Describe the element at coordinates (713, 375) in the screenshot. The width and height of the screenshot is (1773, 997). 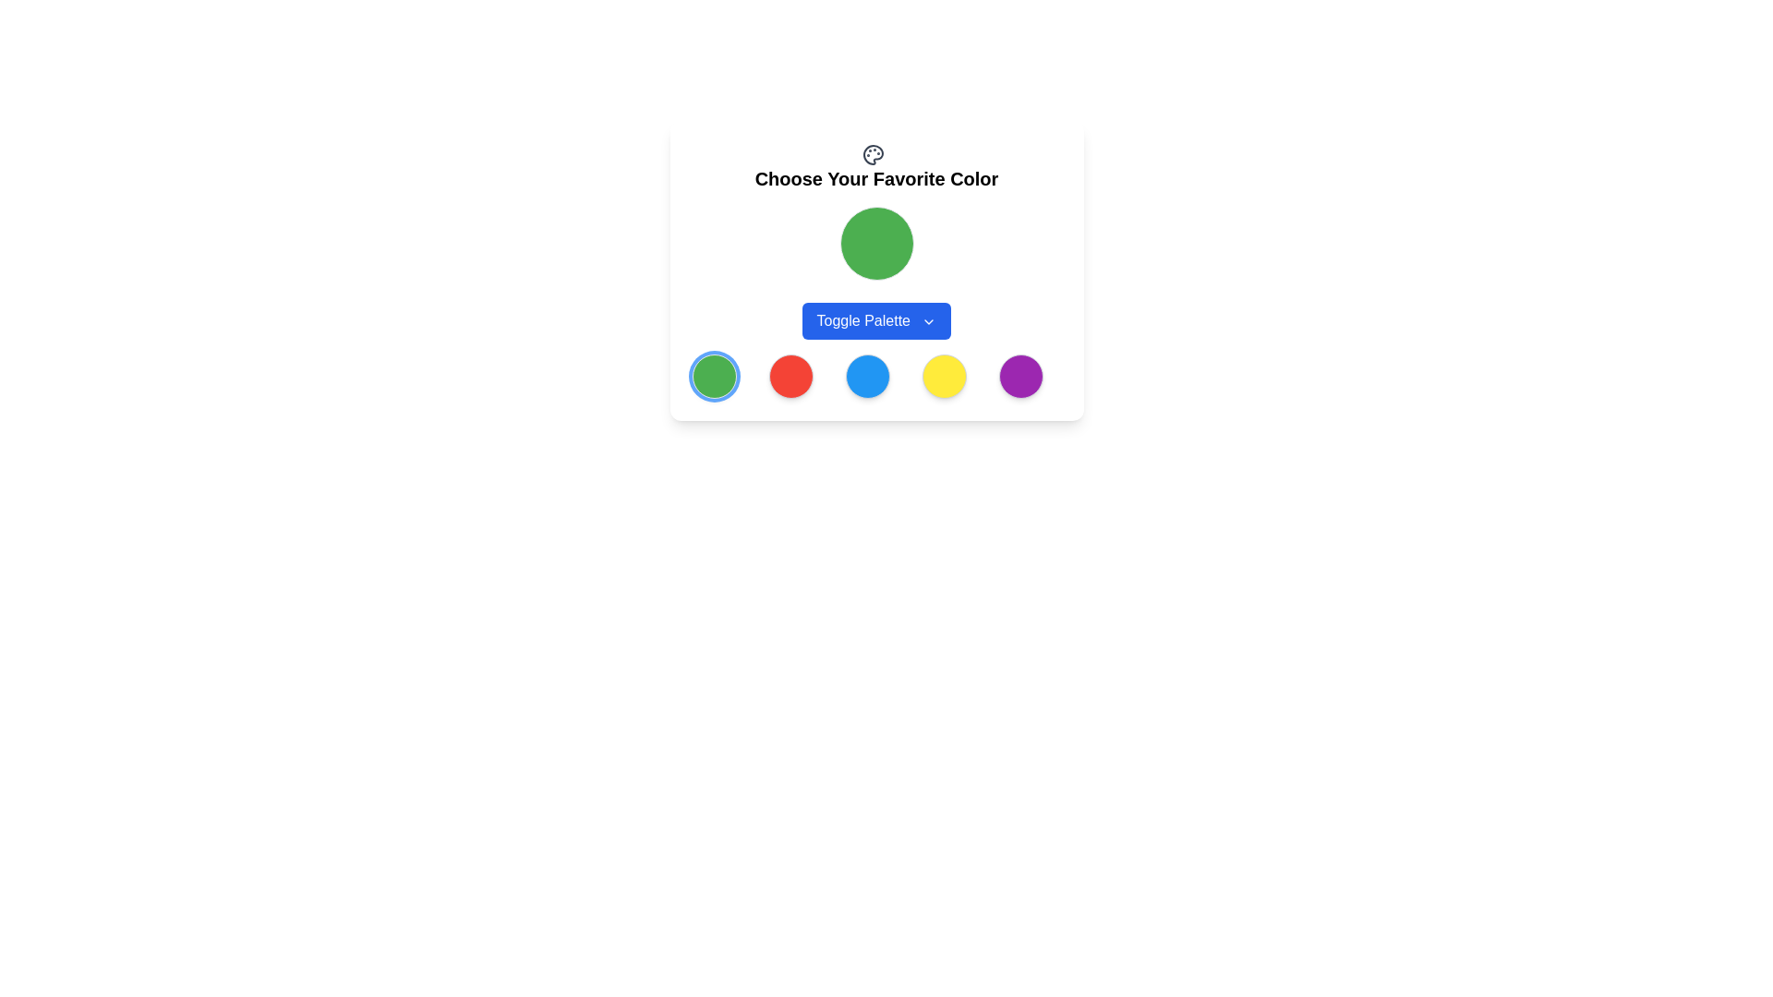
I see `the first circular button with a green background and blue outer border` at that location.